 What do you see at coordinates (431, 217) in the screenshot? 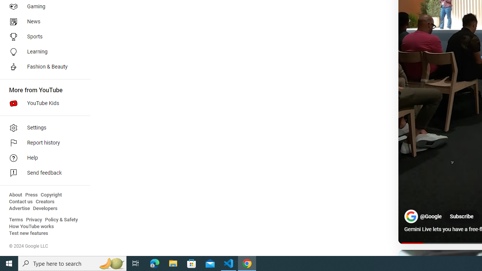
I see `'@Google'` at bounding box center [431, 217].